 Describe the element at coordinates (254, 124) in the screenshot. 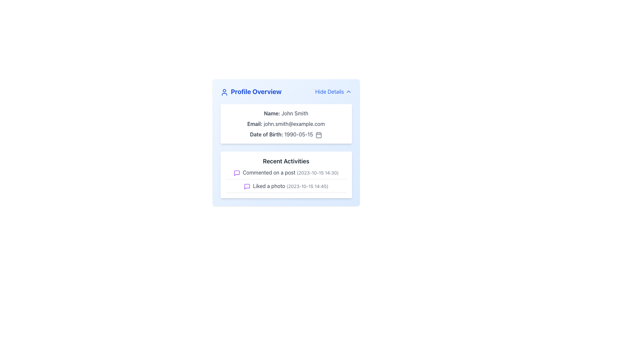

I see `the 'Email:' label element, which is positioned above the user's email address in the profile details section` at that location.